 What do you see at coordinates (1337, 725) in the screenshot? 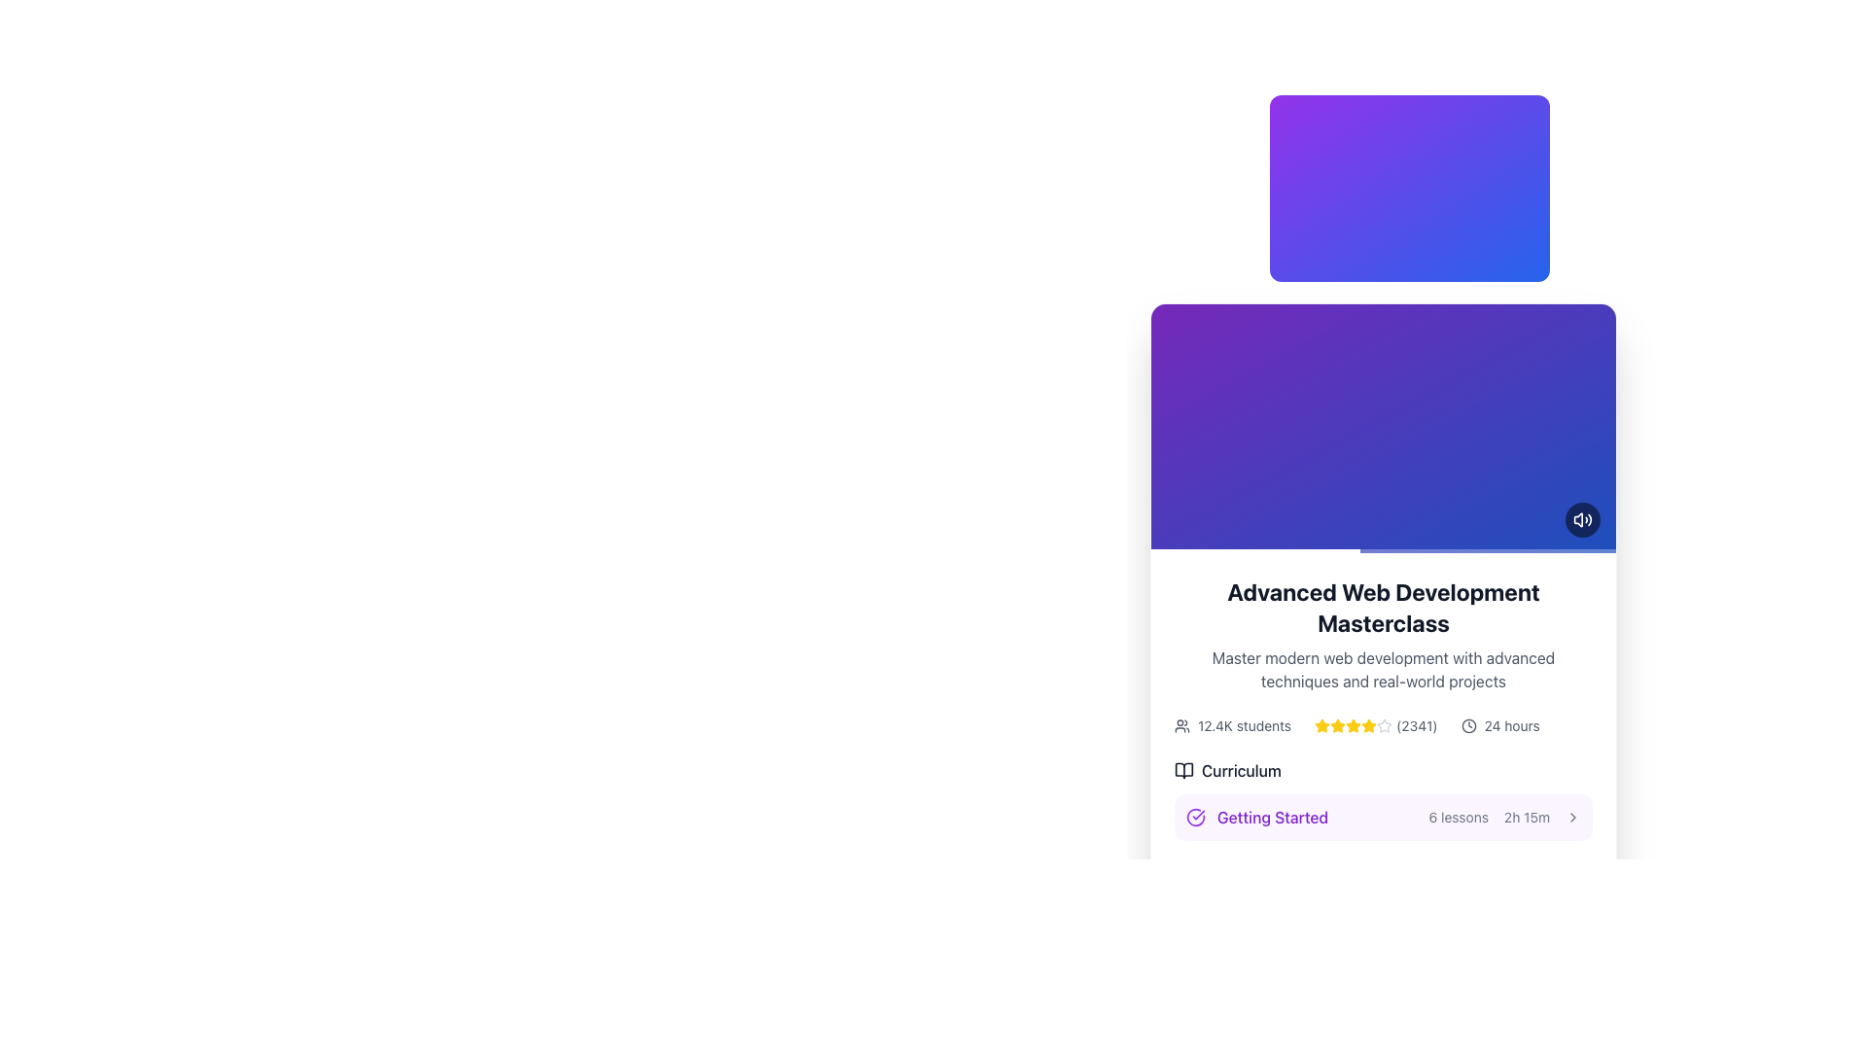
I see `the second star icon in the rating display below the title 'Advanced Web Development Masterclass'` at bounding box center [1337, 725].